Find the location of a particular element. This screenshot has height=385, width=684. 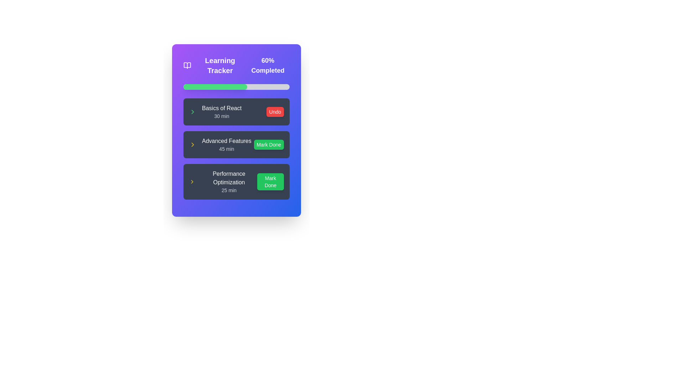

the 'Performance Optimization' completion button located on the right side of the third row in the learning tracker interface is located at coordinates (270, 181).